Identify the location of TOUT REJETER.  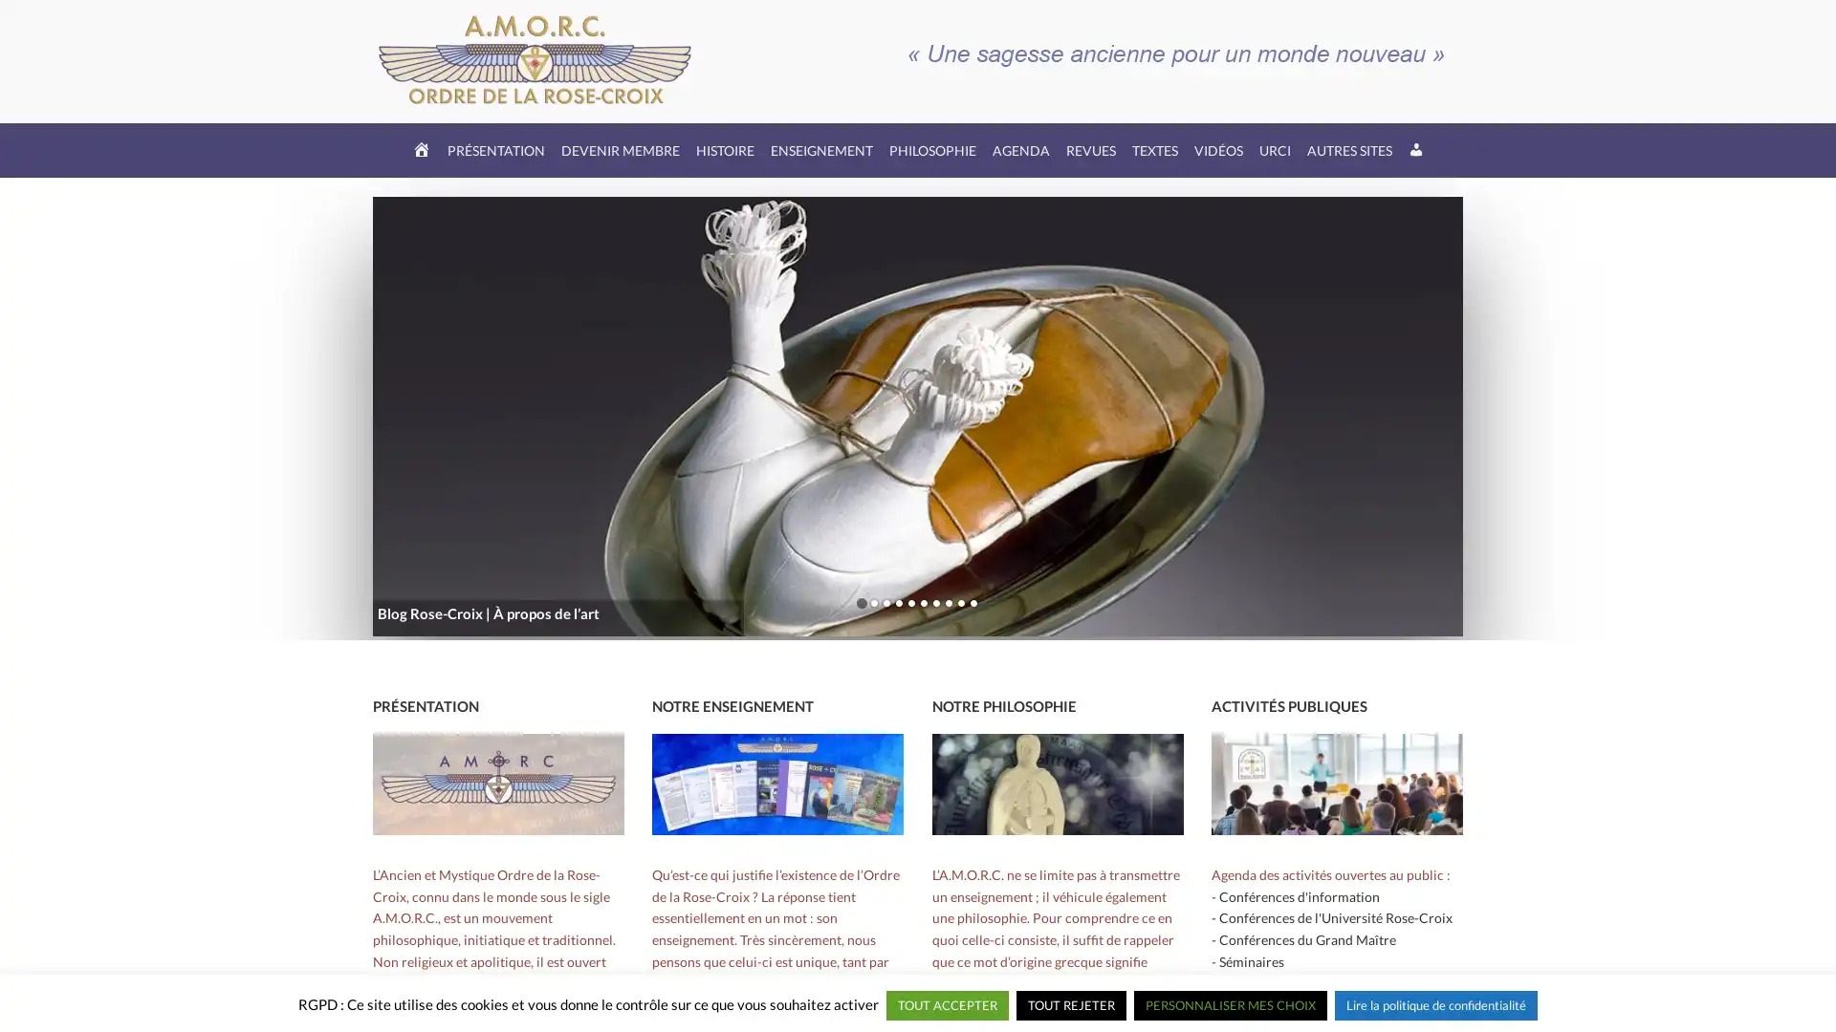
(1071, 1004).